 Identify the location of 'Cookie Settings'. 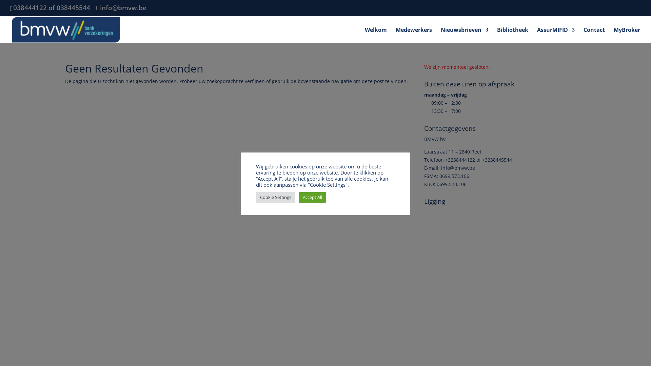
(275, 197).